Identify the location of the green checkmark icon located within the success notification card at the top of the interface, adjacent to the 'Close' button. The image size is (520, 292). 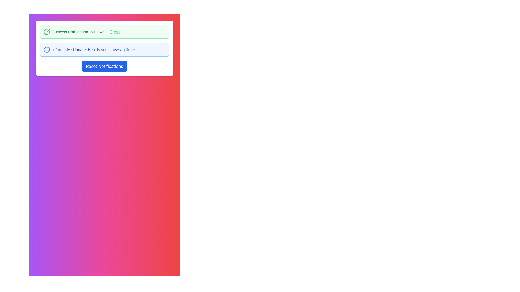
(48, 31).